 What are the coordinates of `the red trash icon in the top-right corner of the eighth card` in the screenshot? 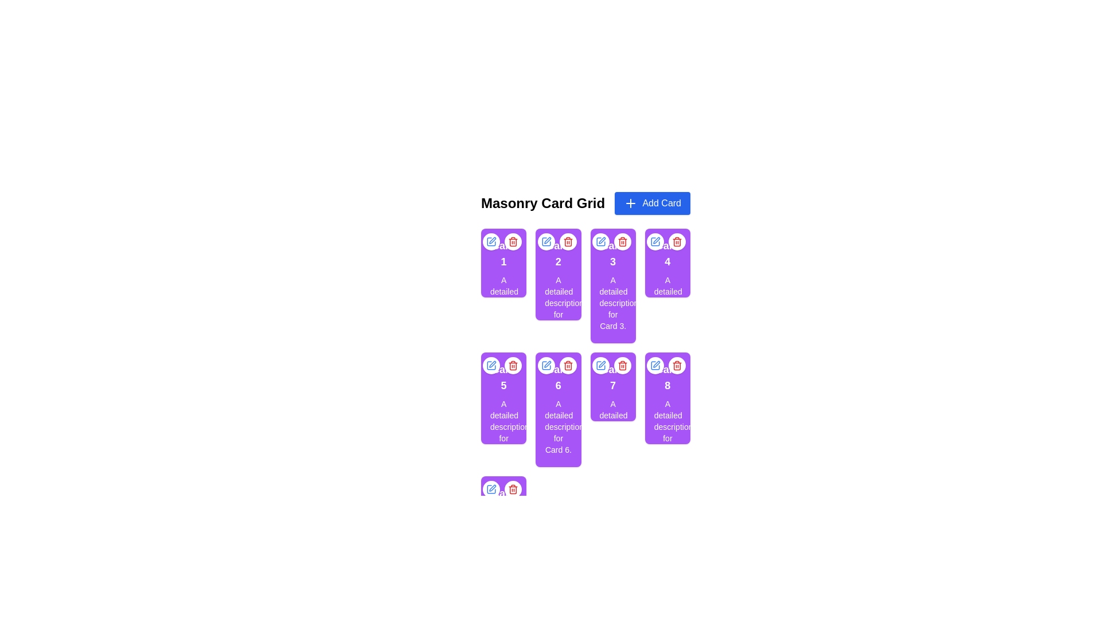 It's located at (666, 365).